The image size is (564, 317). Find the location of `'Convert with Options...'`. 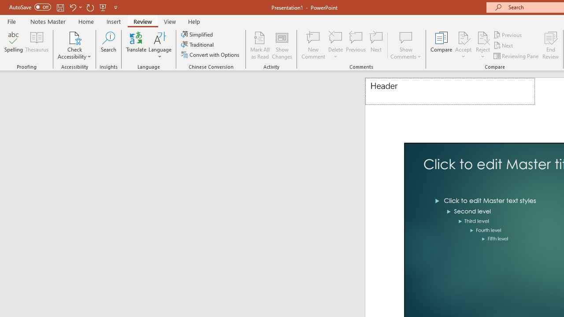

'Convert with Options...' is located at coordinates (211, 55).